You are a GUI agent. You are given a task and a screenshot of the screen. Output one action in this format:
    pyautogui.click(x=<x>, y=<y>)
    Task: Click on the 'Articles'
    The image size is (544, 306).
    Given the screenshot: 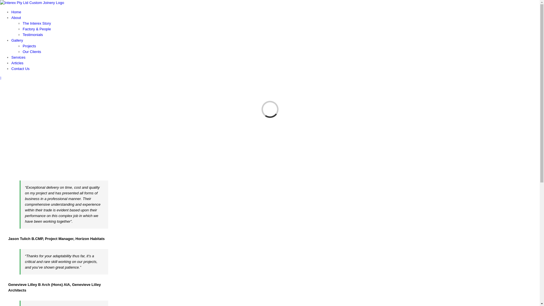 What is the action you would take?
    pyautogui.click(x=17, y=63)
    